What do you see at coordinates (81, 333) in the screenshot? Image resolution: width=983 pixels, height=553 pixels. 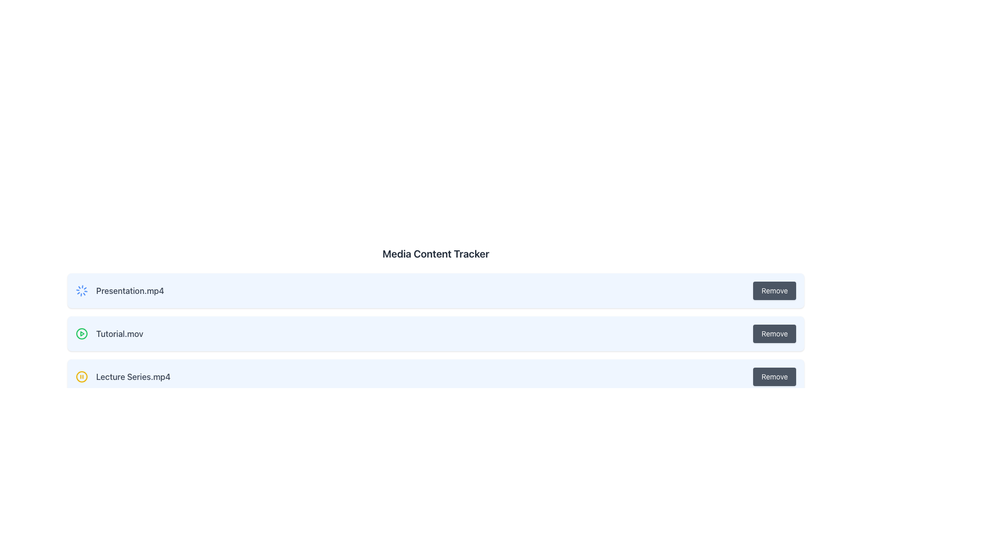 I see `the circular play icon with a green stroke located to the left of the text 'Tutorial.mov' to play the video` at bounding box center [81, 333].